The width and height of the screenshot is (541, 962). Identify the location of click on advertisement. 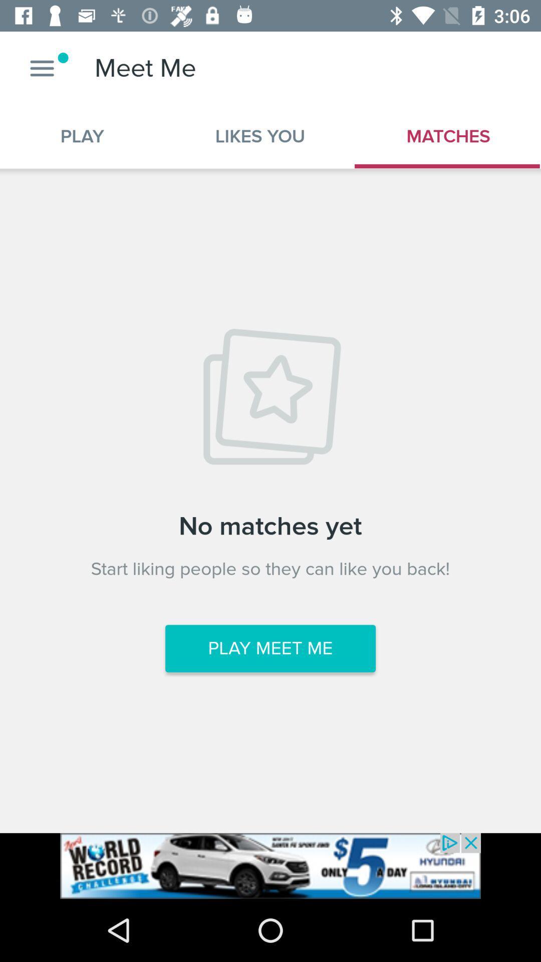
(270, 865).